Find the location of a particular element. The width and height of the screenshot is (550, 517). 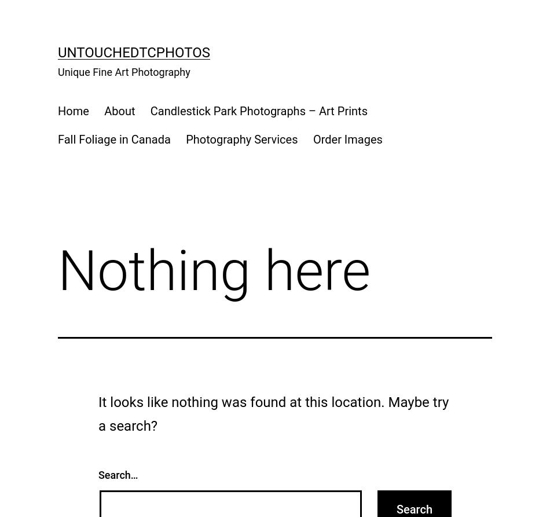

'Photography Services' is located at coordinates (241, 138).